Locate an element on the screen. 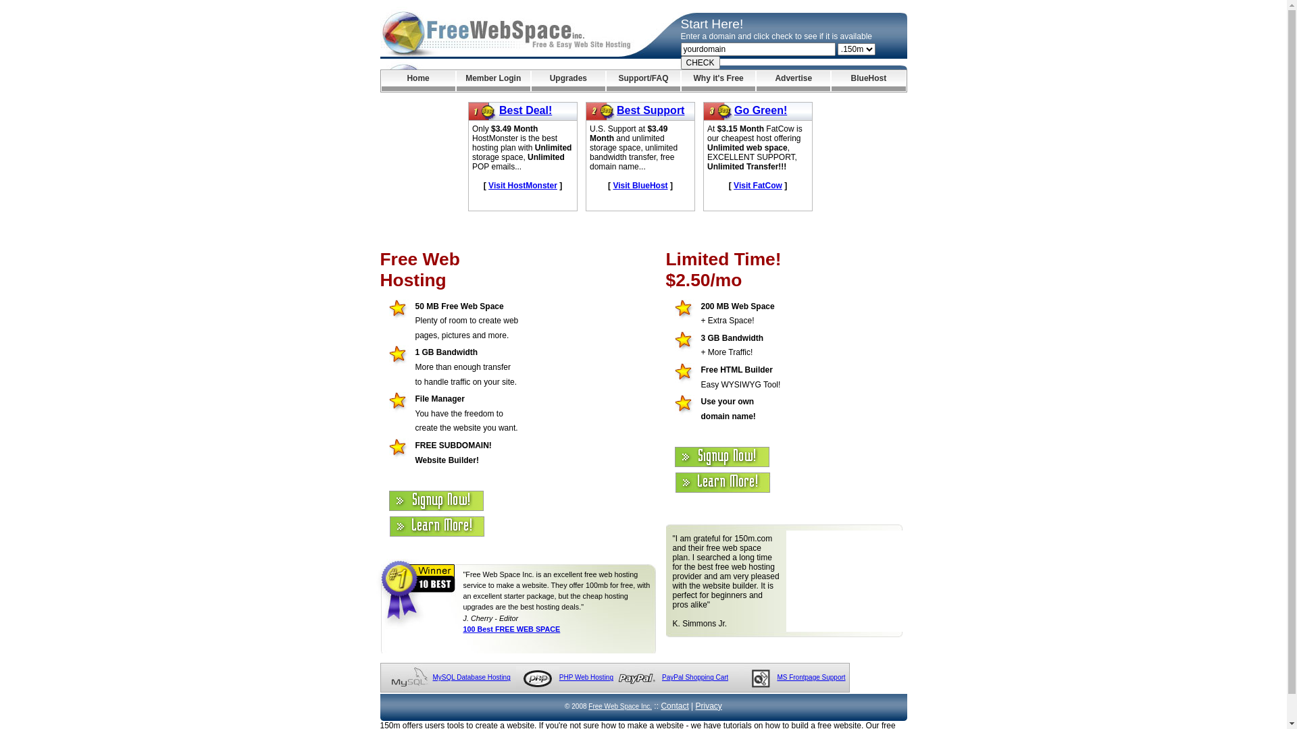 The width and height of the screenshot is (1297, 729). 'Advertise' is located at coordinates (755, 80).